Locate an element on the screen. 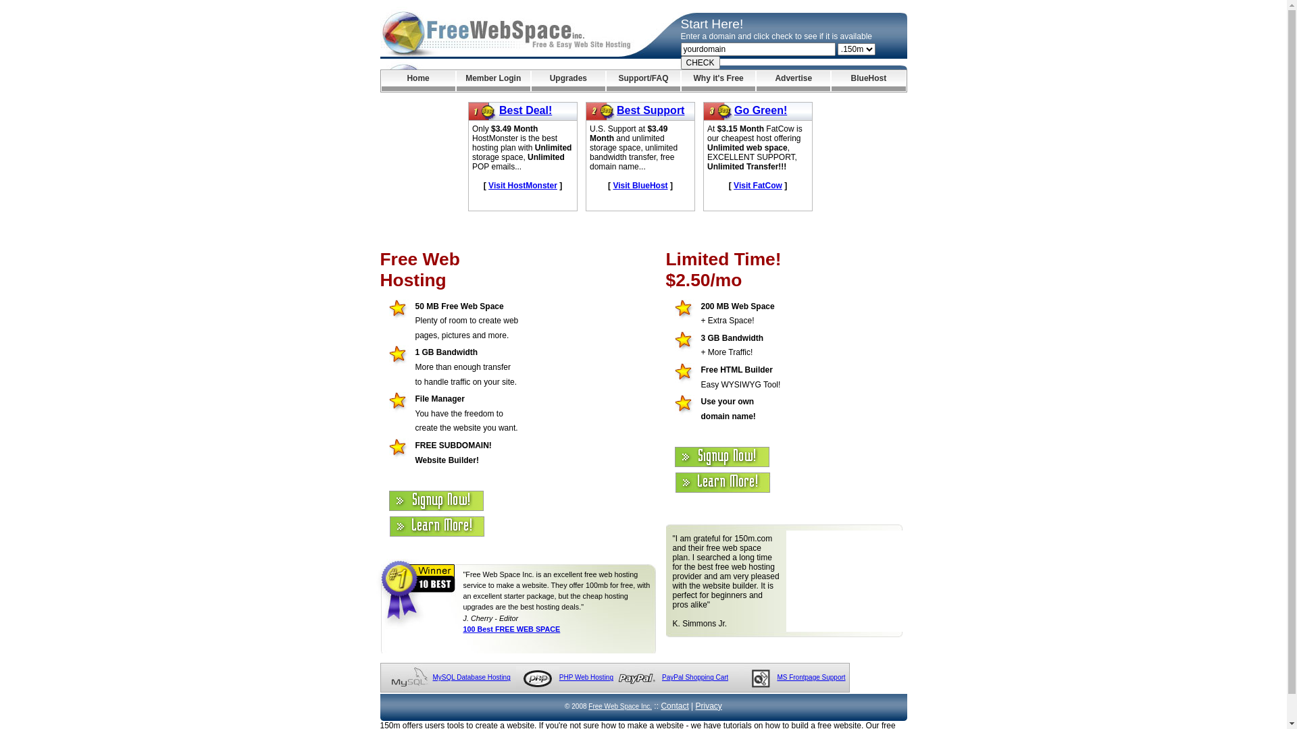 The width and height of the screenshot is (1297, 729). 'Advertise' is located at coordinates (755, 80).